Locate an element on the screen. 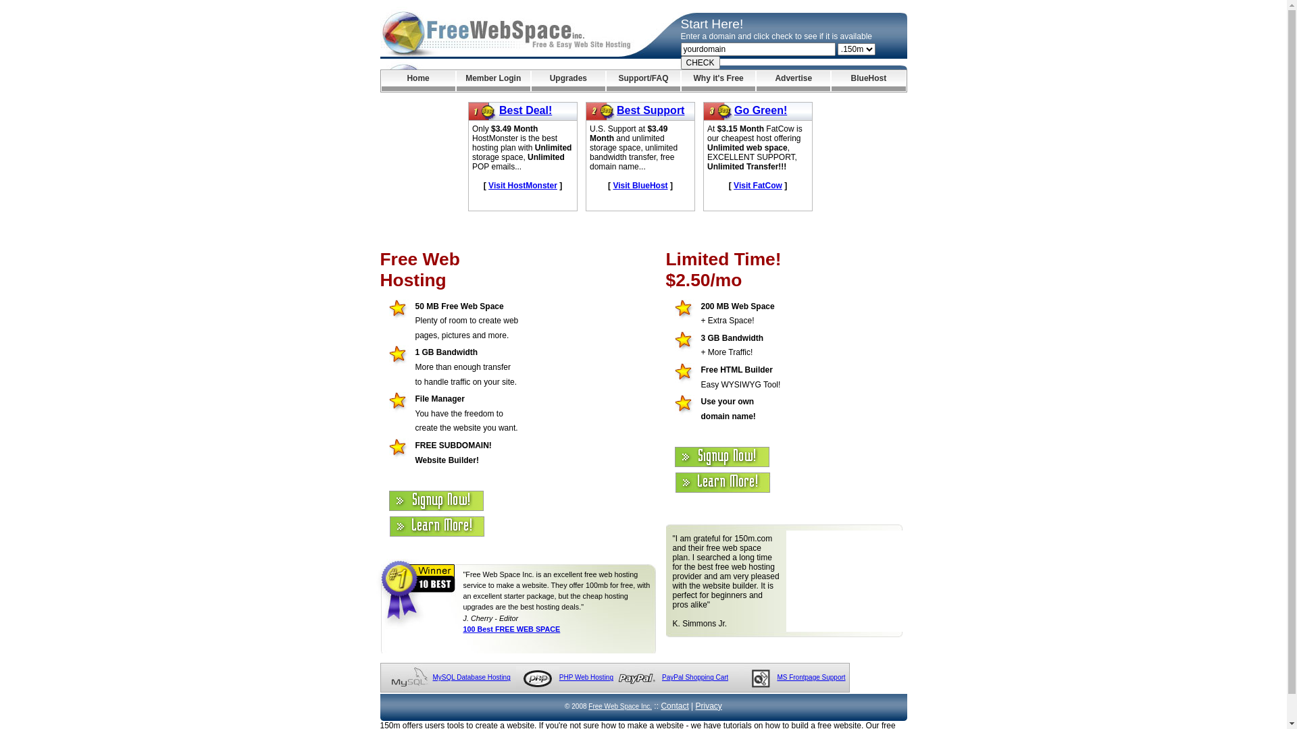 The width and height of the screenshot is (1297, 729). 'Advertise' is located at coordinates (755, 80).